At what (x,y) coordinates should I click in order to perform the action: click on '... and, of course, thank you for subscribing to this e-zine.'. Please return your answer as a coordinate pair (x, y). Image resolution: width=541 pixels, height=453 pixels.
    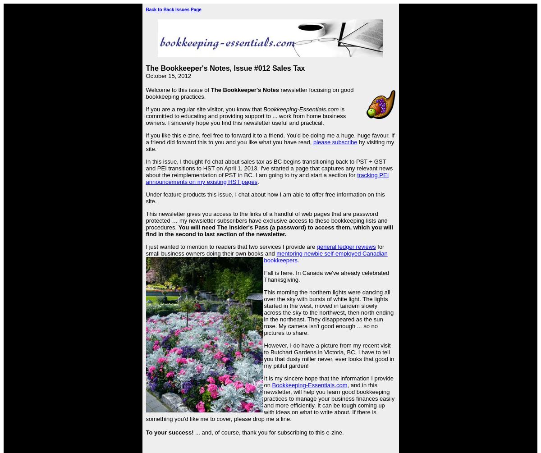
    Looking at the image, I should click on (193, 432).